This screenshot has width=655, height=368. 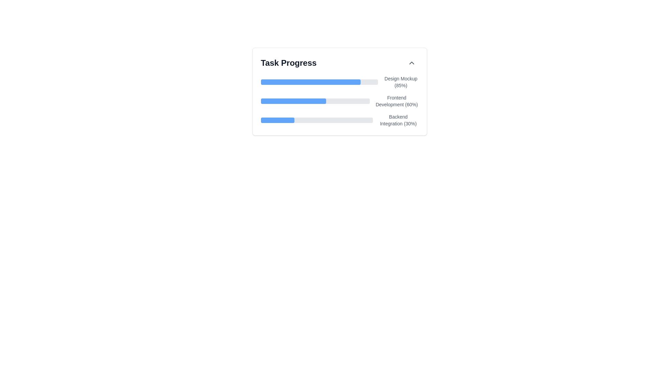 I want to click on the blue progress bar indicating 85% completion within the 'Task Progress' card, which is the foreground element of the progress indicator, so click(x=310, y=81).